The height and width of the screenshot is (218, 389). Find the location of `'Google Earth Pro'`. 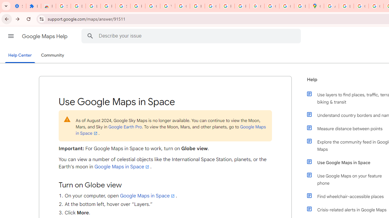

'Google Earth Pro' is located at coordinates (125, 126).